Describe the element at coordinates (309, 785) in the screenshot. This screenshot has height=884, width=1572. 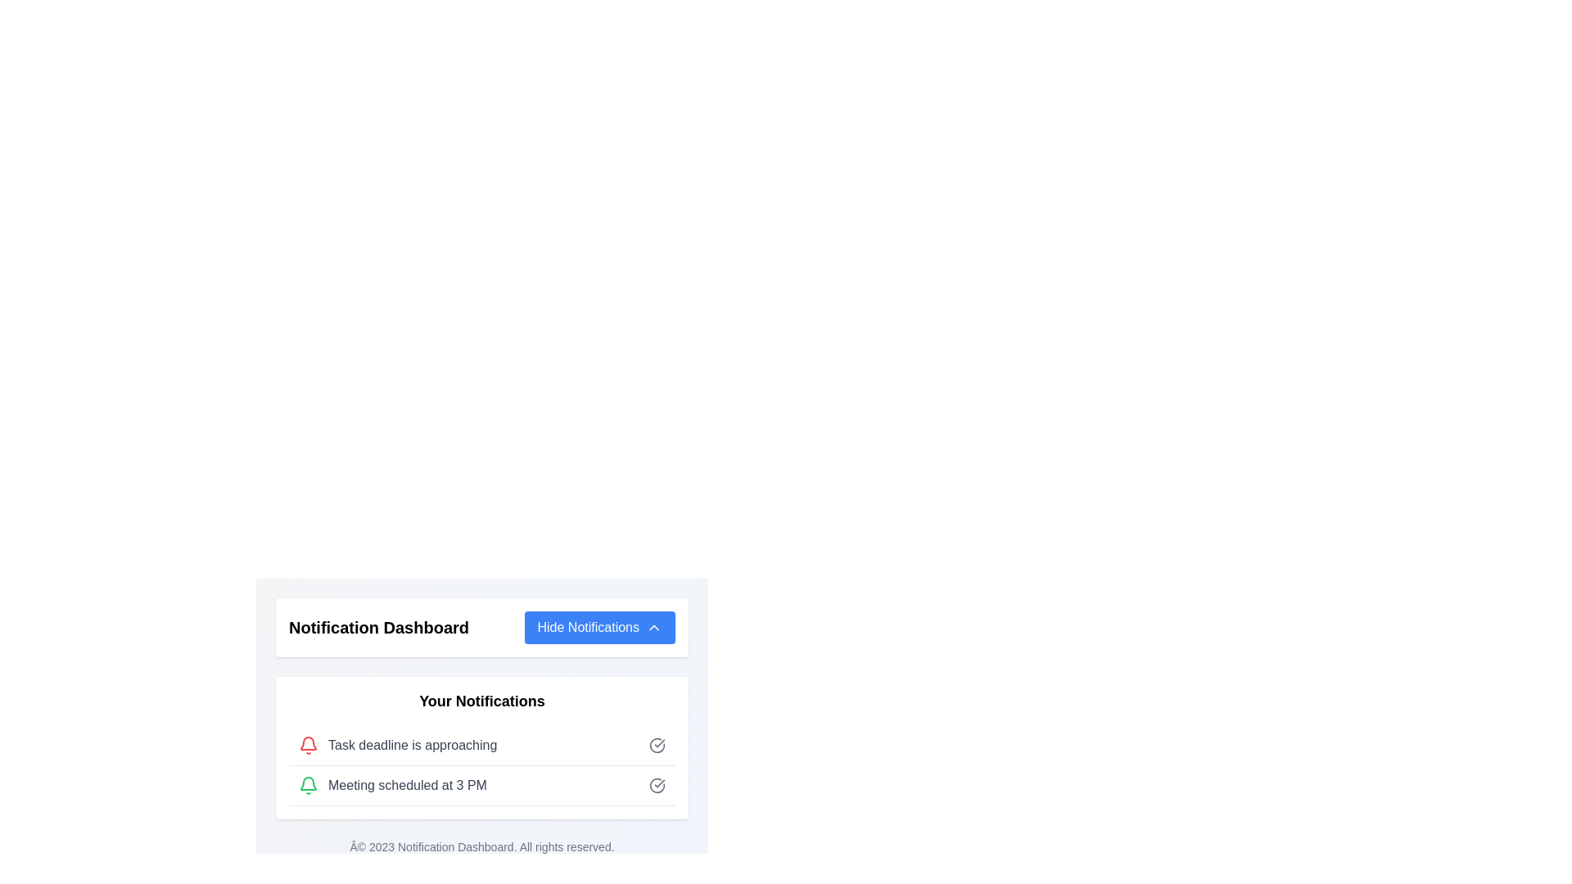
I see `the notification icon indicating a scheduled meeting, located to the left of the text 'Meeting scheduled at 3 PM'` at that location.